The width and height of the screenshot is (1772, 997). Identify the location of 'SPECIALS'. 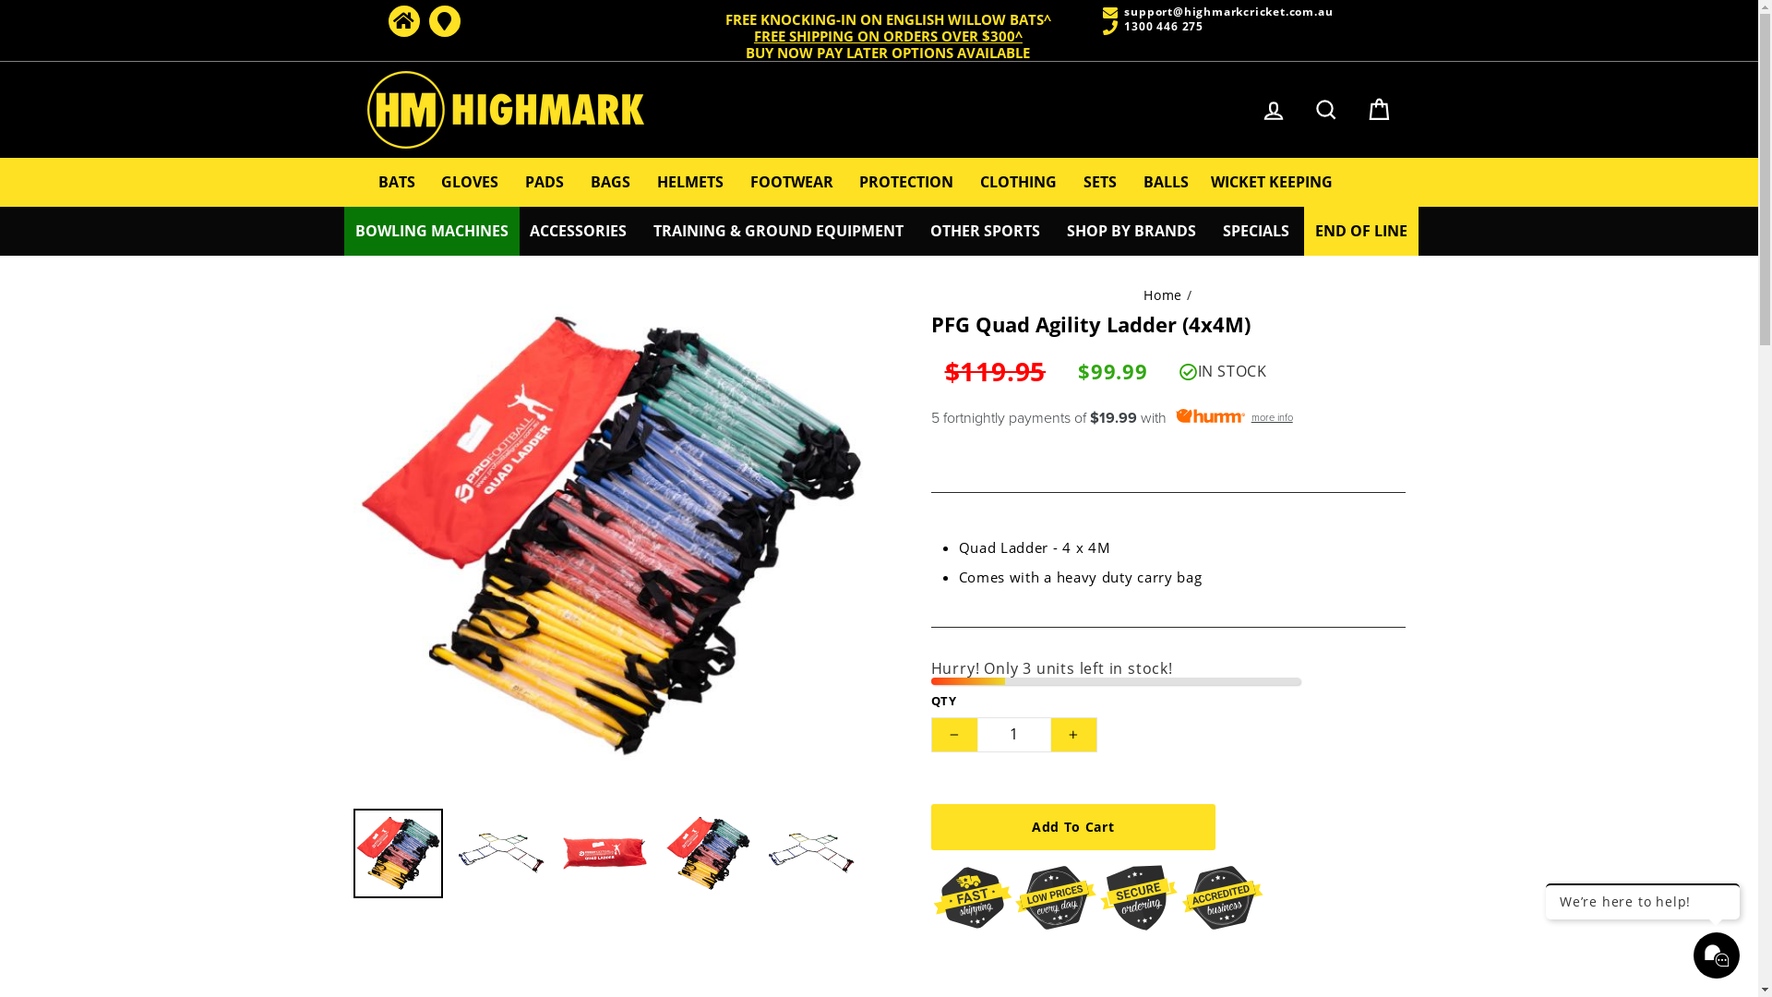
(1255, 230).